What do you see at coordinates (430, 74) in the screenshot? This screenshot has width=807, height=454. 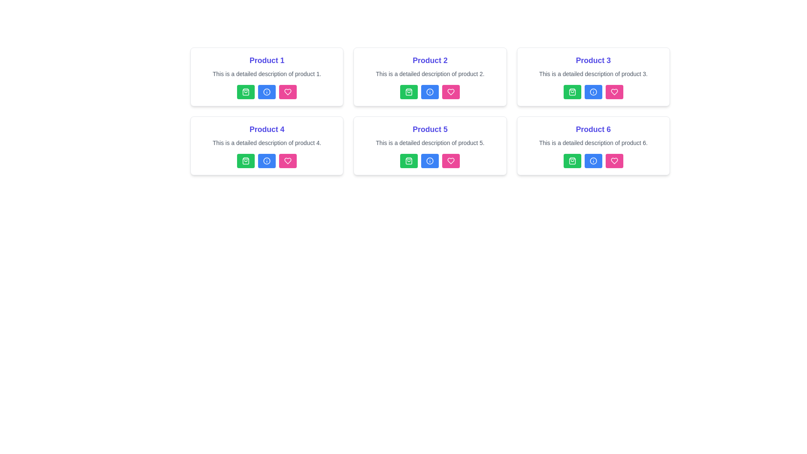 I see `the Text label located below the title 'Product 2' and above the row of three buttons in the second product card` at bounding box center [430, 74].